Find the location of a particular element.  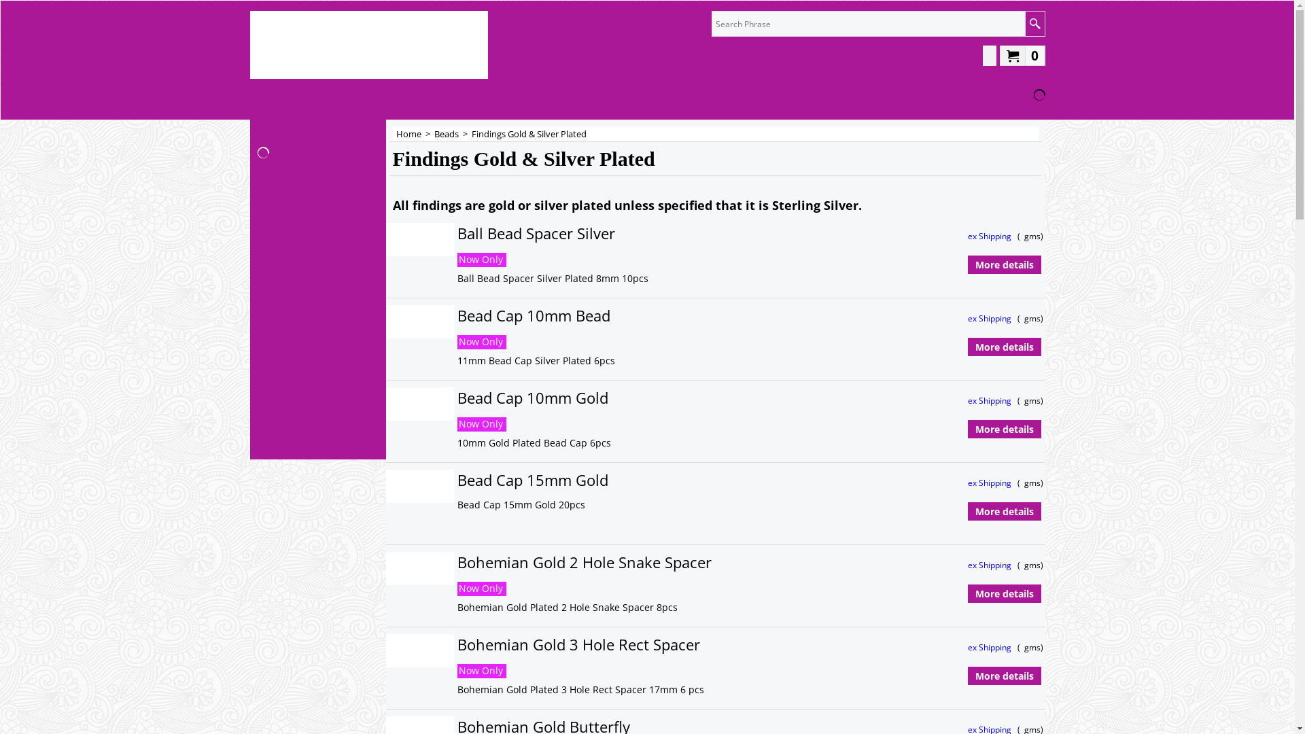

'Bohemian Gold 3 Hole Rect Spacer' is located at coordinates (678, 644).